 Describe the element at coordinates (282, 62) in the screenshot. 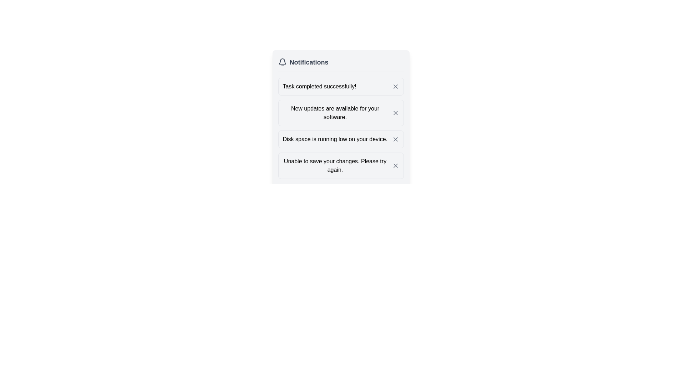

I see `the bell icon representing notifications, which is located at the very left of the 'Notifications' section header, preceding the text label 'Notifications'` at that location.